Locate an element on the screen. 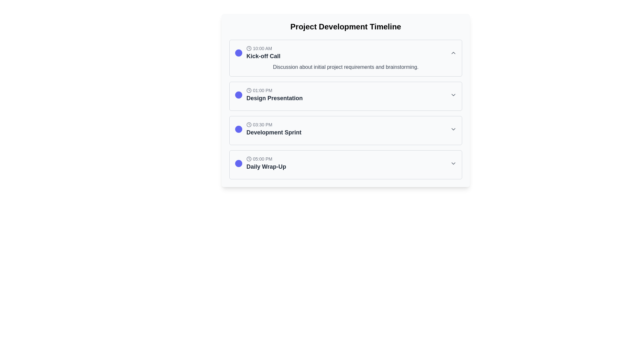  the Decorative SVG component (clock icon) located near the time label '01:00 PM' in the timeline interface, which is associated with the event 'Design Presentation.' is located at coordinates (248, 90).